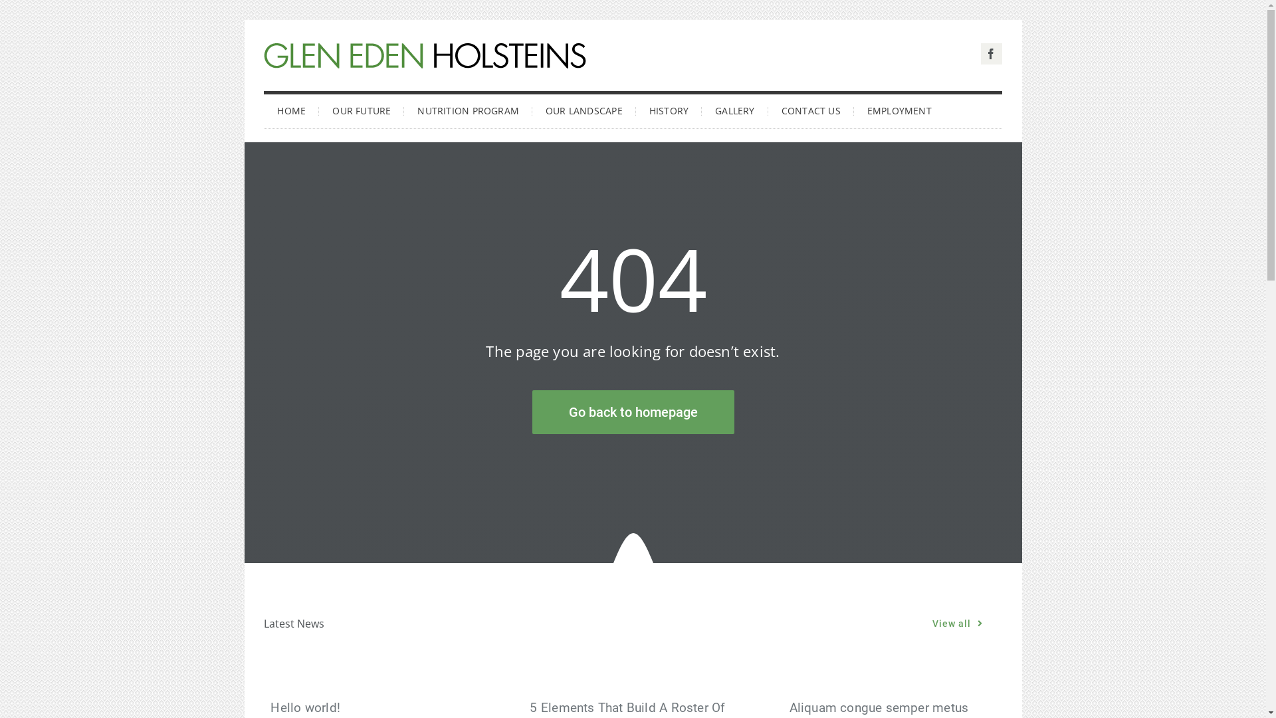  Describe the element at coordinates (361, 109) in the screenshot. I see `'OUR FUTURE'` at that location.